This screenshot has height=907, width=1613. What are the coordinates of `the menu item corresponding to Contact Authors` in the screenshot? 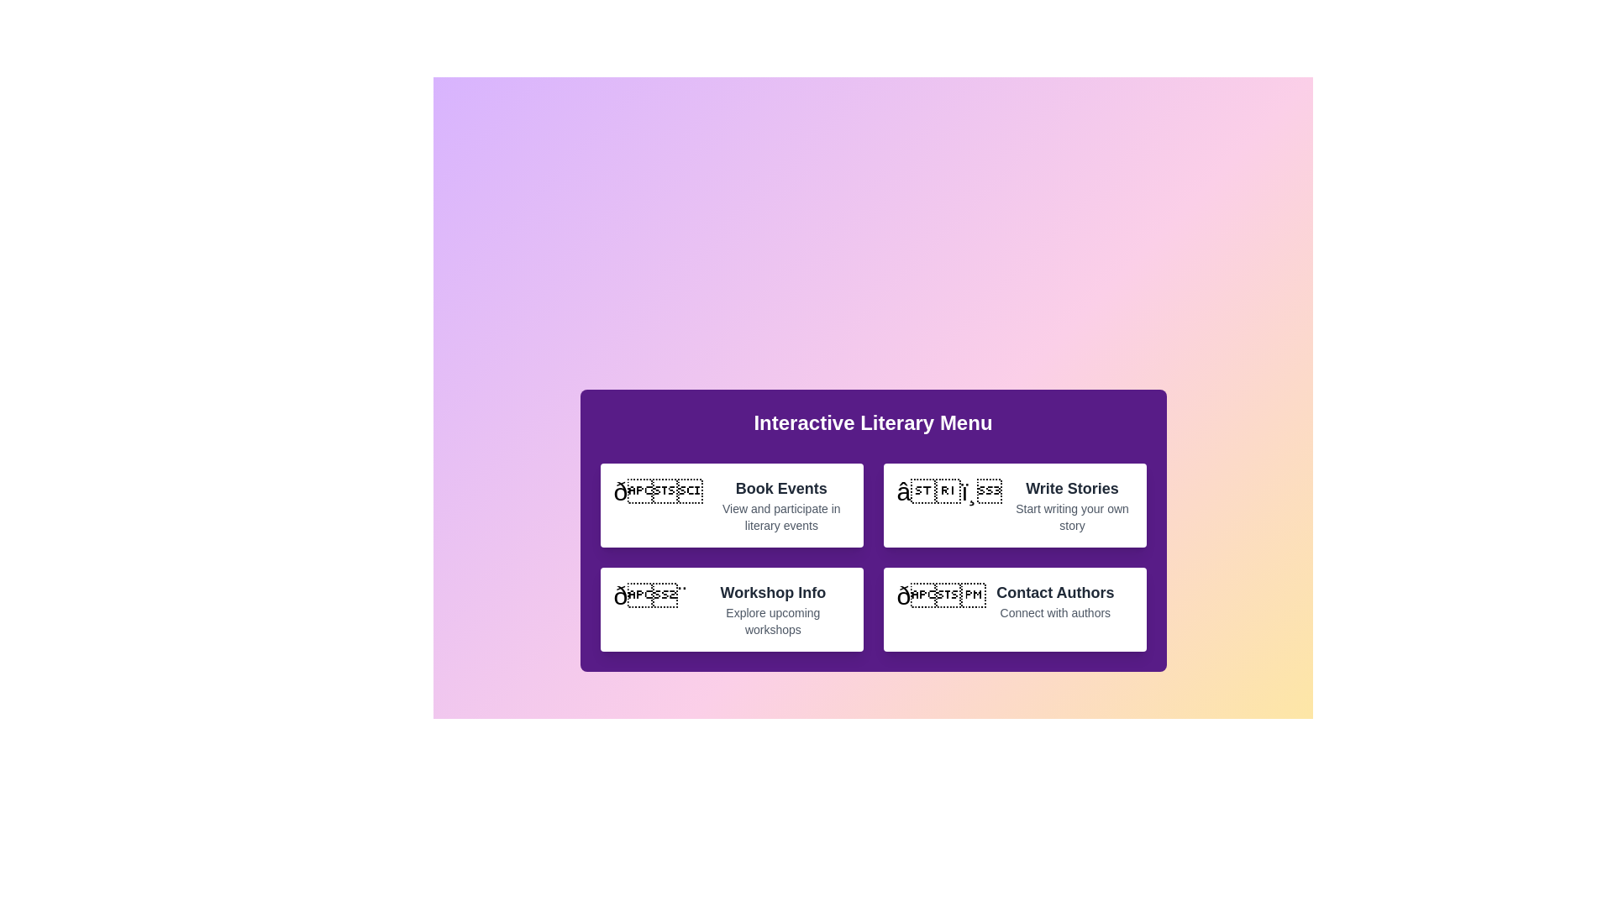 It's located at (1014, 609).